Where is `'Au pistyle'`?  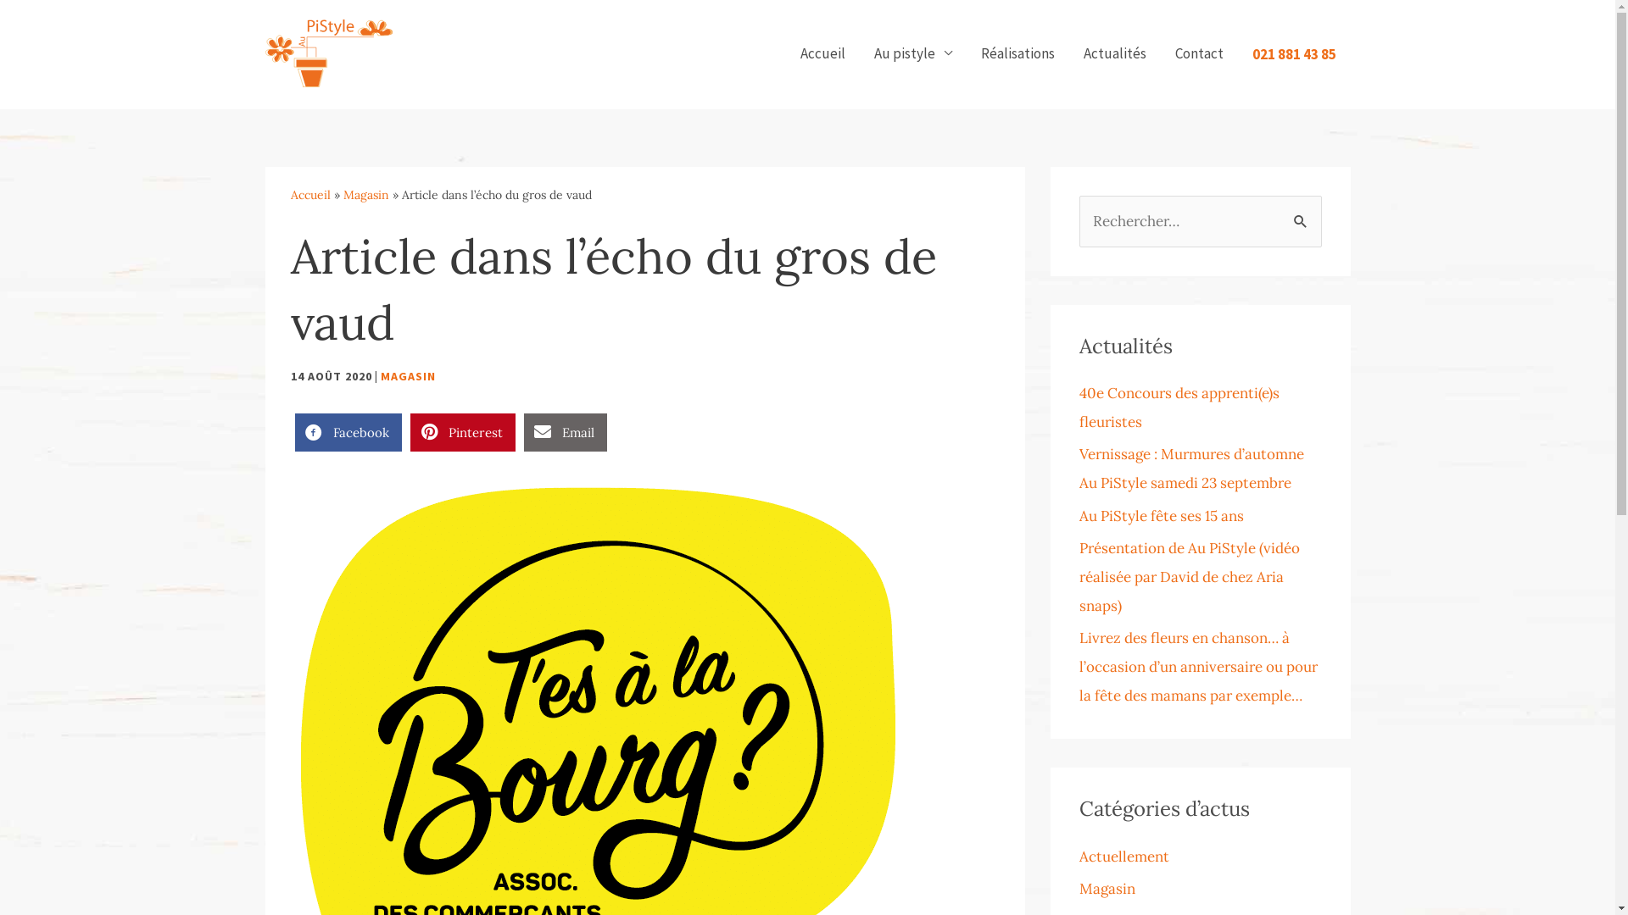
'Au pistyle' is located at coordinates (912, 52).